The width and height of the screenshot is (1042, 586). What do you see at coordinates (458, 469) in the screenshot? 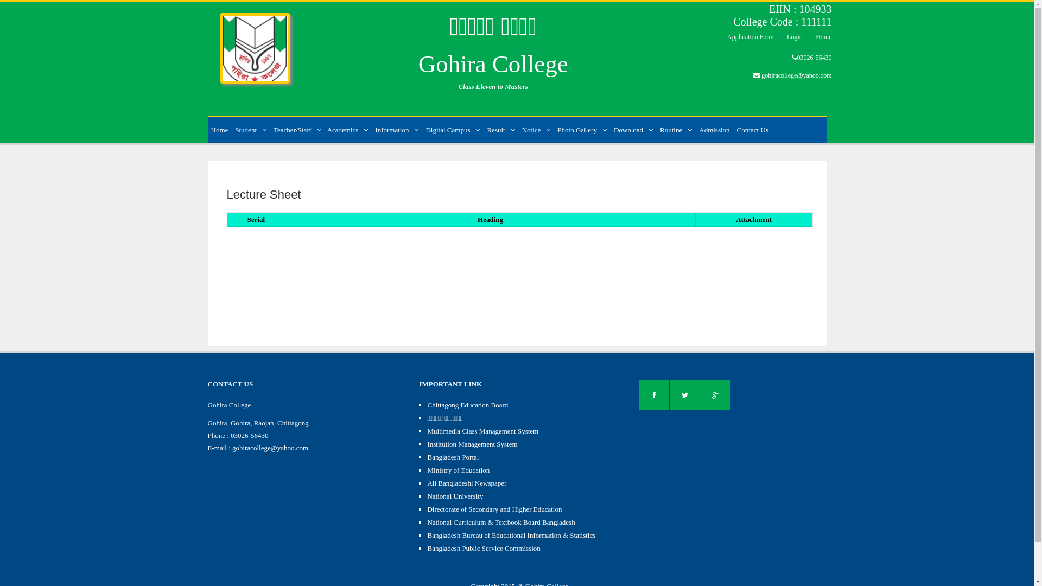
I see `'Ministry of Education'` at bounding box center [458, 469].